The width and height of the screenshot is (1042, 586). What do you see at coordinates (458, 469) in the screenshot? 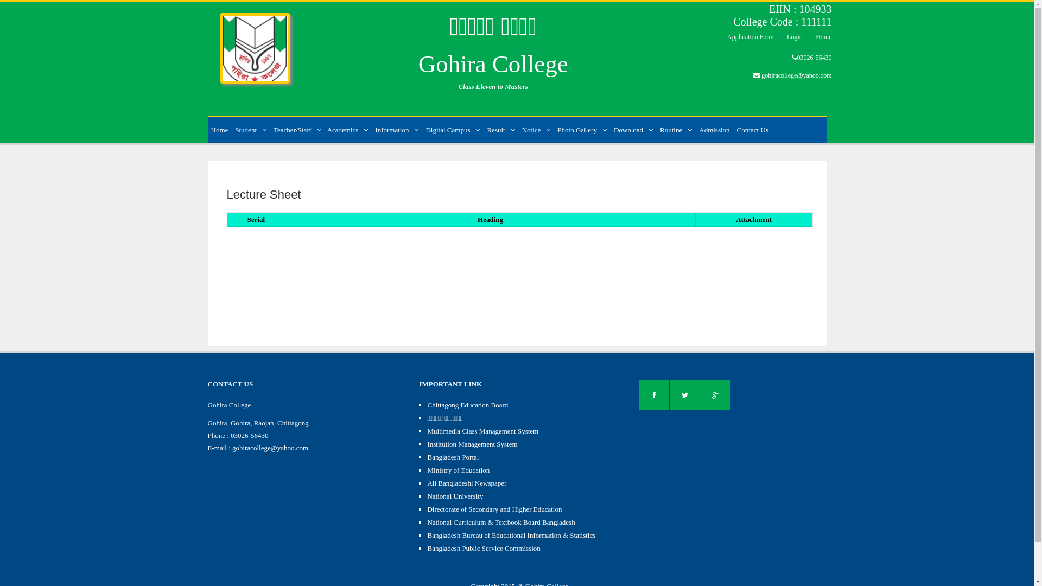
I see `'Ministry of Education'` at bounding box center [458, 469].